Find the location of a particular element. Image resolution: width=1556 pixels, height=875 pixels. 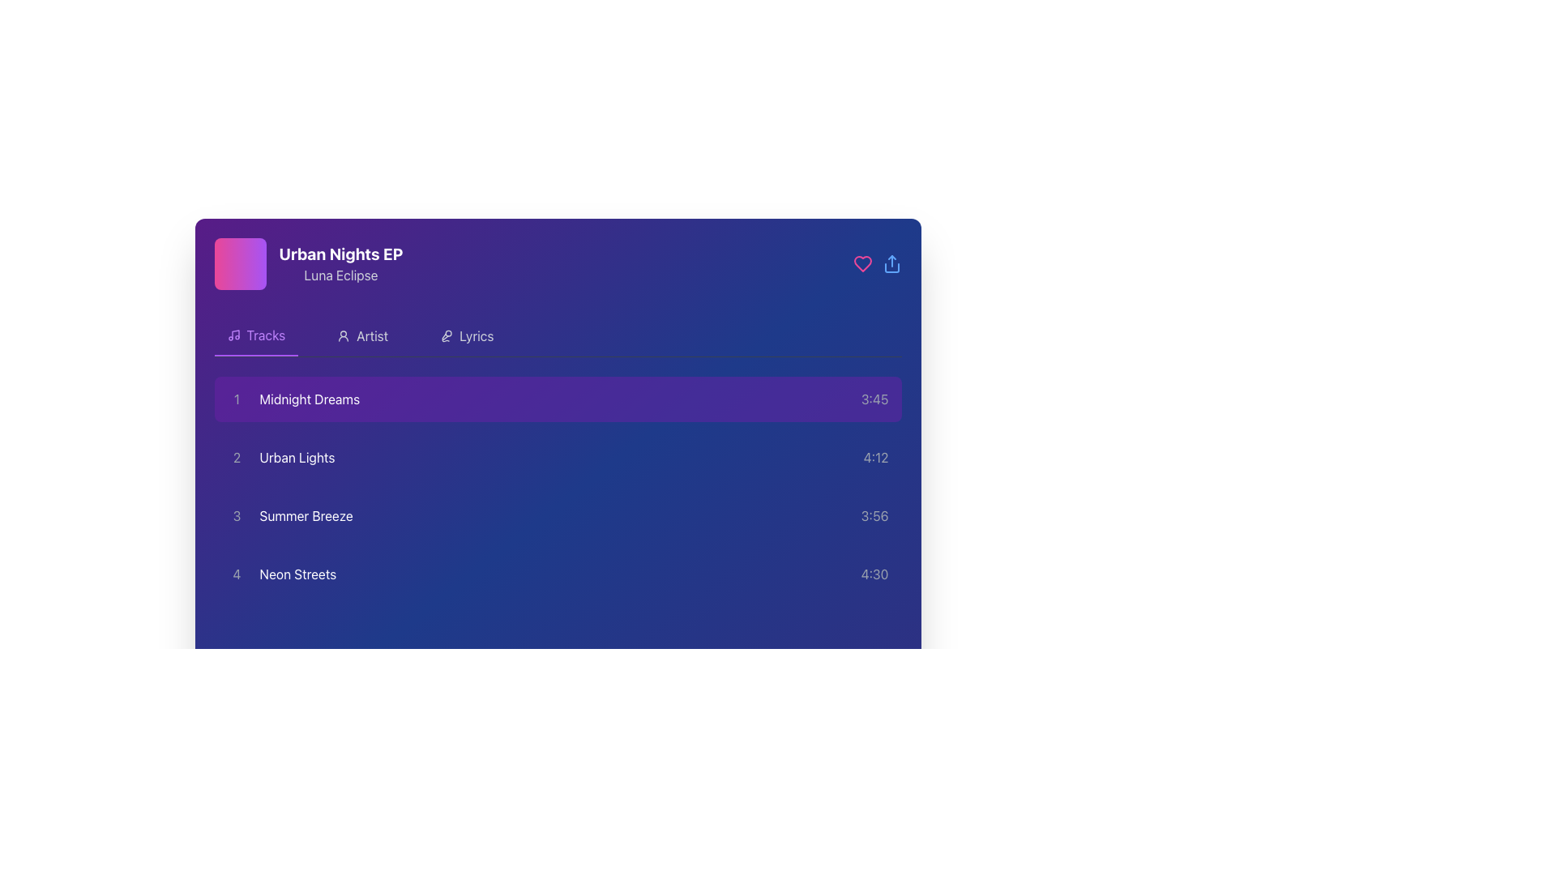

the text label of the third track in the vertical list is located at coordinates (306, 515).